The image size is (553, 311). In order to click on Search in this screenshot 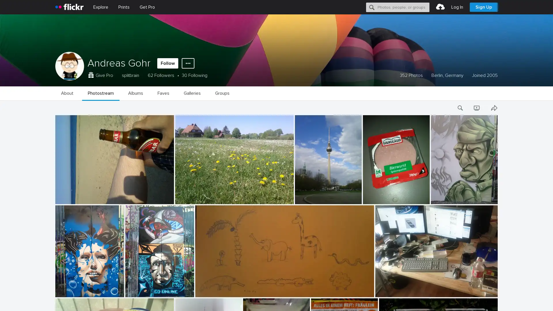, I will do `click(372, 7)`.